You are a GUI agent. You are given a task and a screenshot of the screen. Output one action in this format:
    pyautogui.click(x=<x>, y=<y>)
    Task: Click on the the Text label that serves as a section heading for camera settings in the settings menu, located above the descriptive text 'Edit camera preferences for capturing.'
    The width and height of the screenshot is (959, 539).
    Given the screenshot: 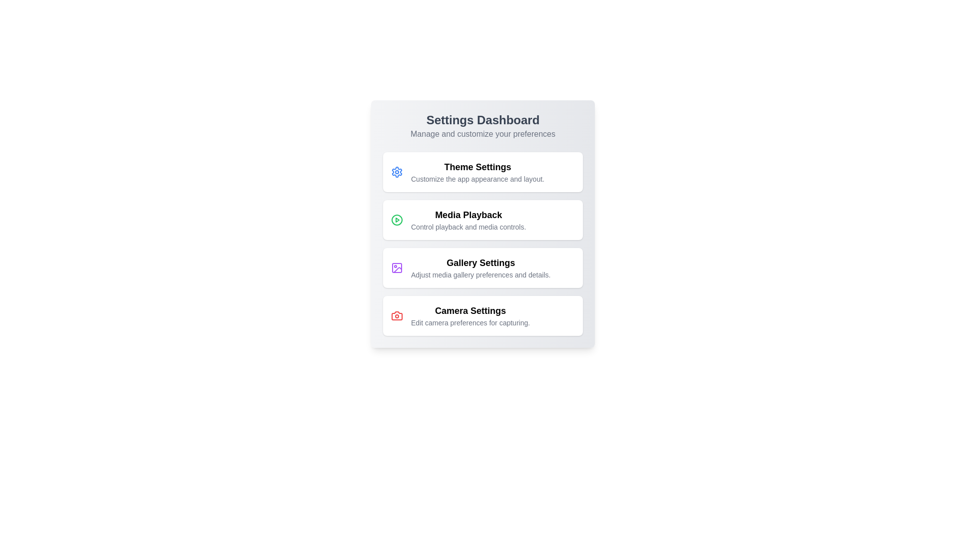 What is the action you would take?
    pyautogui.click(x=470, y=310)
    